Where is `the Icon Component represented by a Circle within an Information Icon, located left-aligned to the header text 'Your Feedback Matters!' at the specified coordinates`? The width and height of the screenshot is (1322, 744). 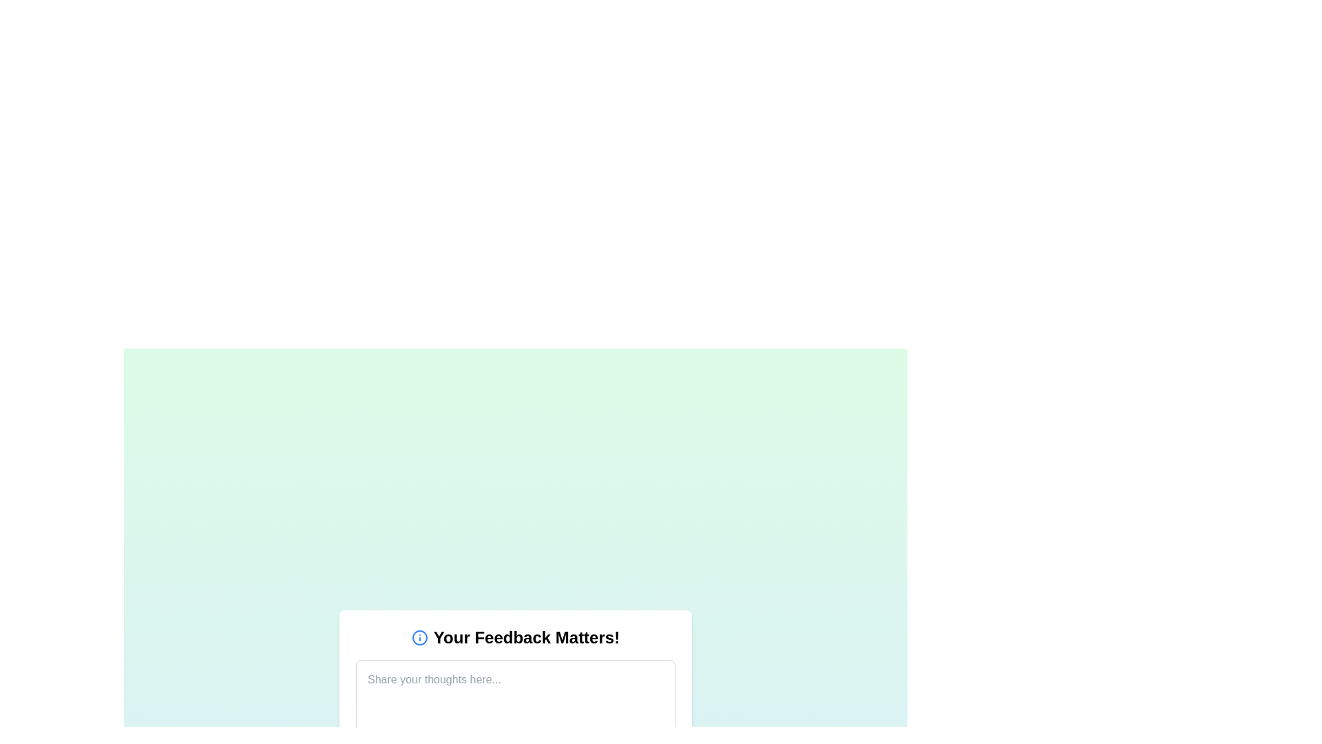
the Icon Component represented by a Circle within an Information Icon, located left-aligned to the header text 'Your Feedback Matters!' at the specified coordinates is located at coordinates (419, 637).